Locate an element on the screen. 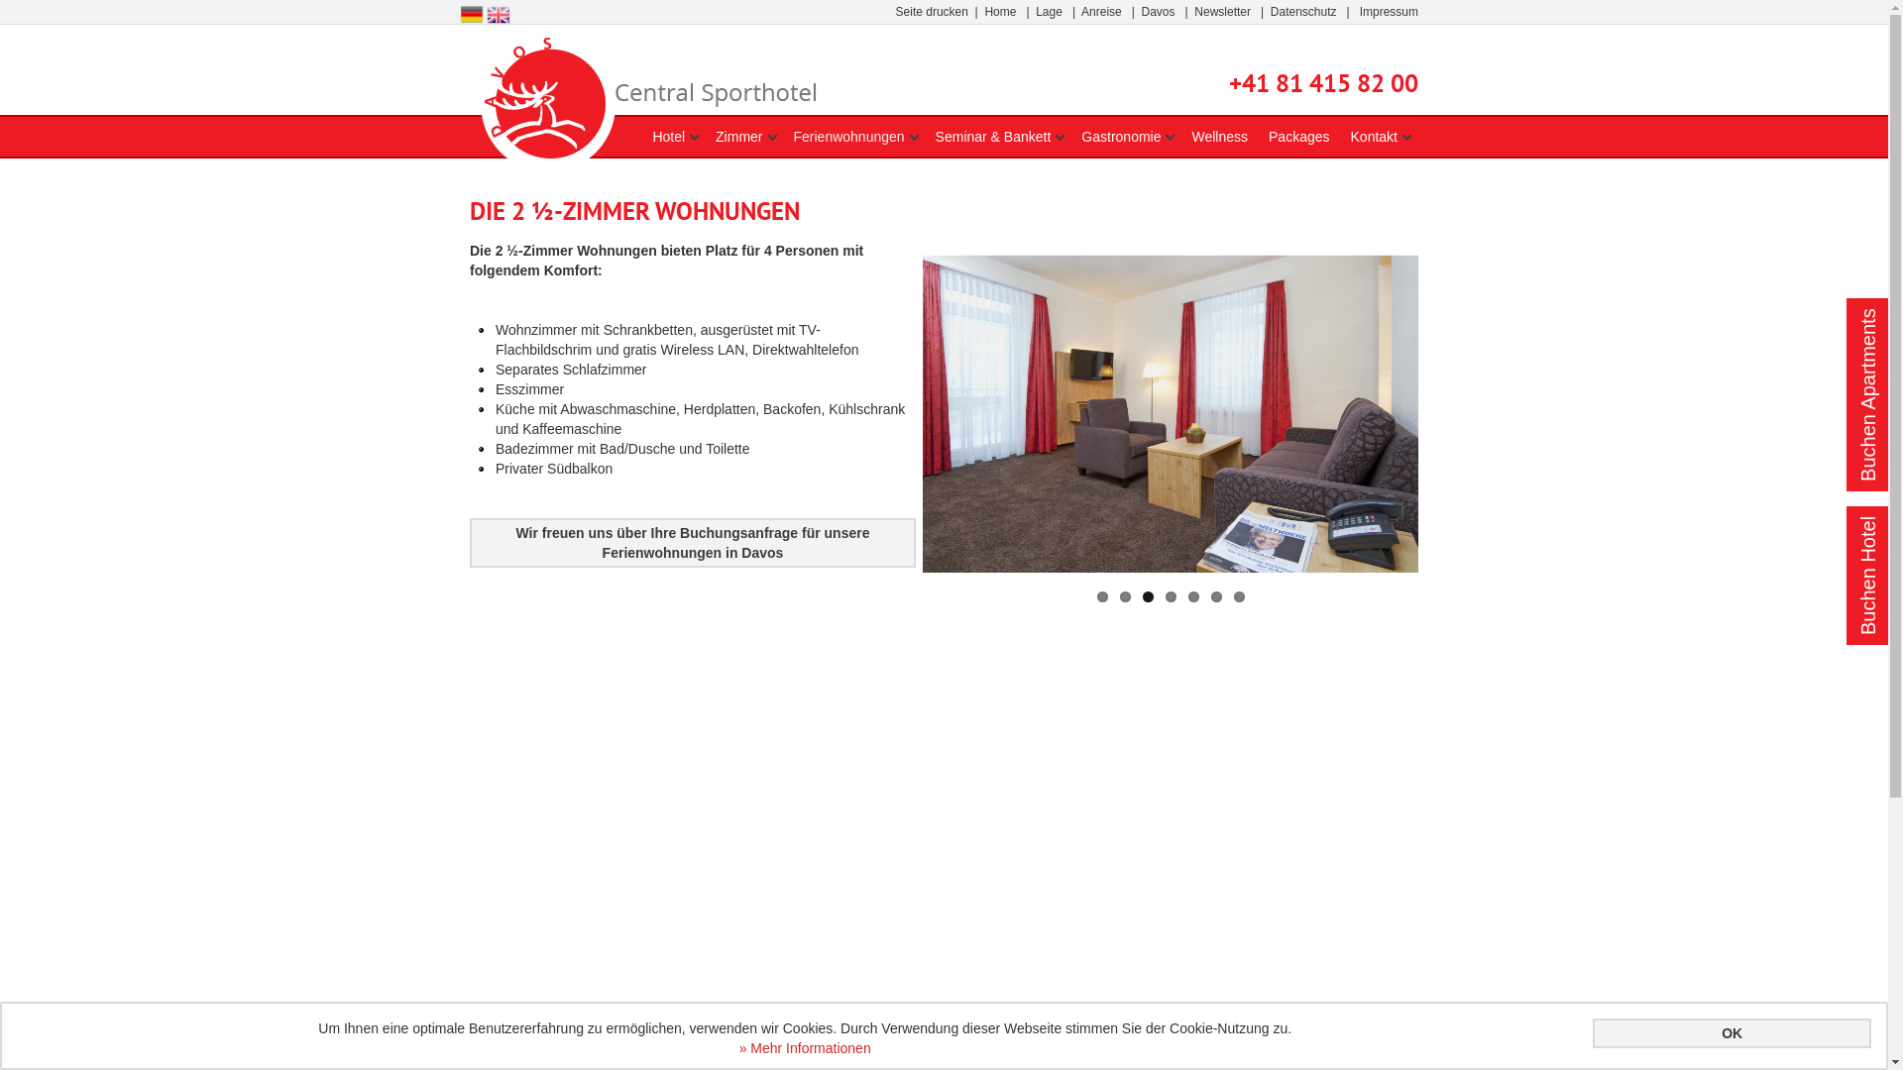  'de' is located at coordinates (459, 15).